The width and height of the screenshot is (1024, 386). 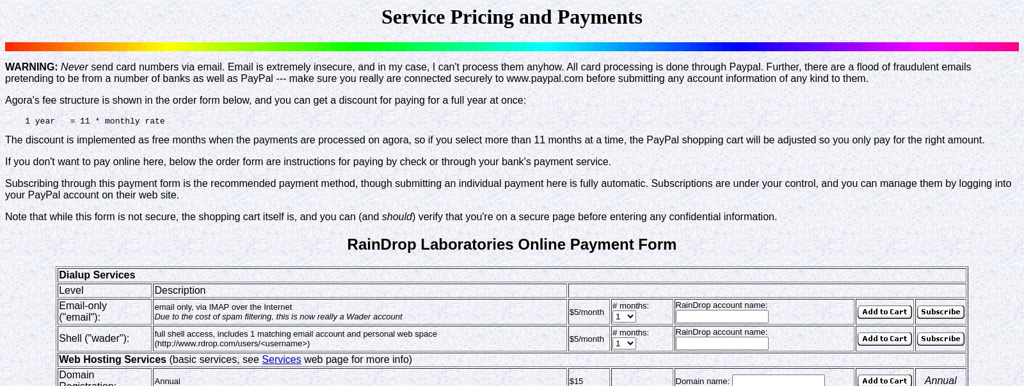 What do you see at coordinates (179, 289) in the screenshot?
I see `'Description'` at bounding box center [179, 289].